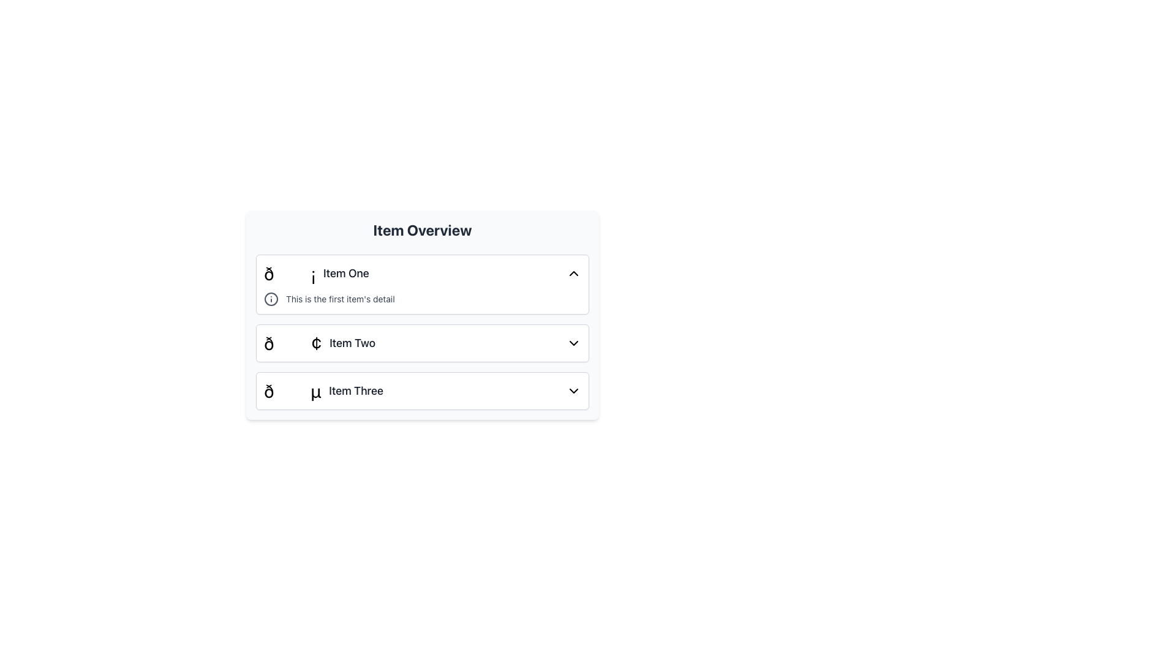 The height and width of the screenshot is (661, 1176). I want to click on the Text Label that reads 'This is the first item's detail', which is styled in smaller font size and light gray color, located next to the circular icon with the letter i, so click(340, 299).